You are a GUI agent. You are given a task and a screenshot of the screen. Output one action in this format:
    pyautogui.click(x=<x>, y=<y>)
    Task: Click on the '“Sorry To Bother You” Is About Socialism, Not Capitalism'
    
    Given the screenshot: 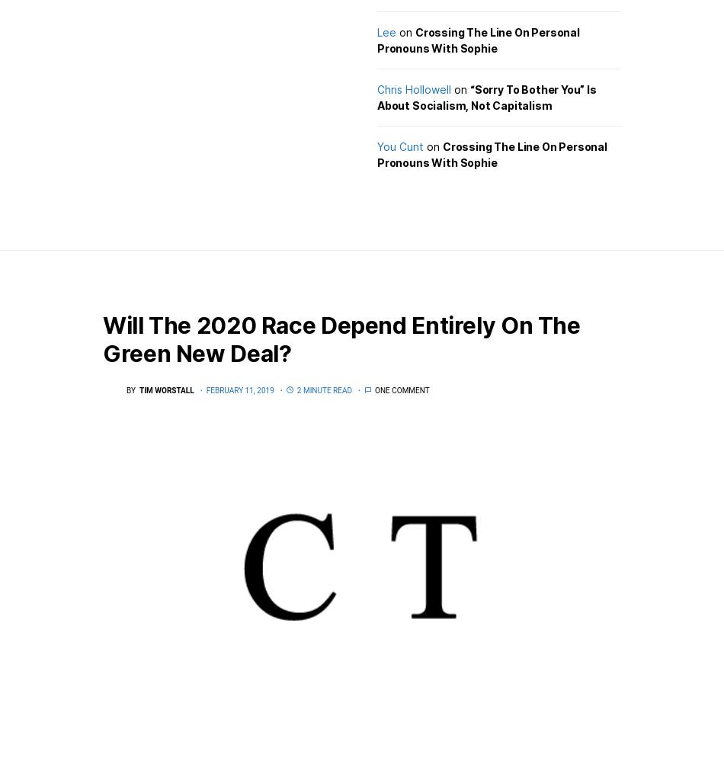 What is the action you would take?
    pyautogui.click(x=486, y=96)
    